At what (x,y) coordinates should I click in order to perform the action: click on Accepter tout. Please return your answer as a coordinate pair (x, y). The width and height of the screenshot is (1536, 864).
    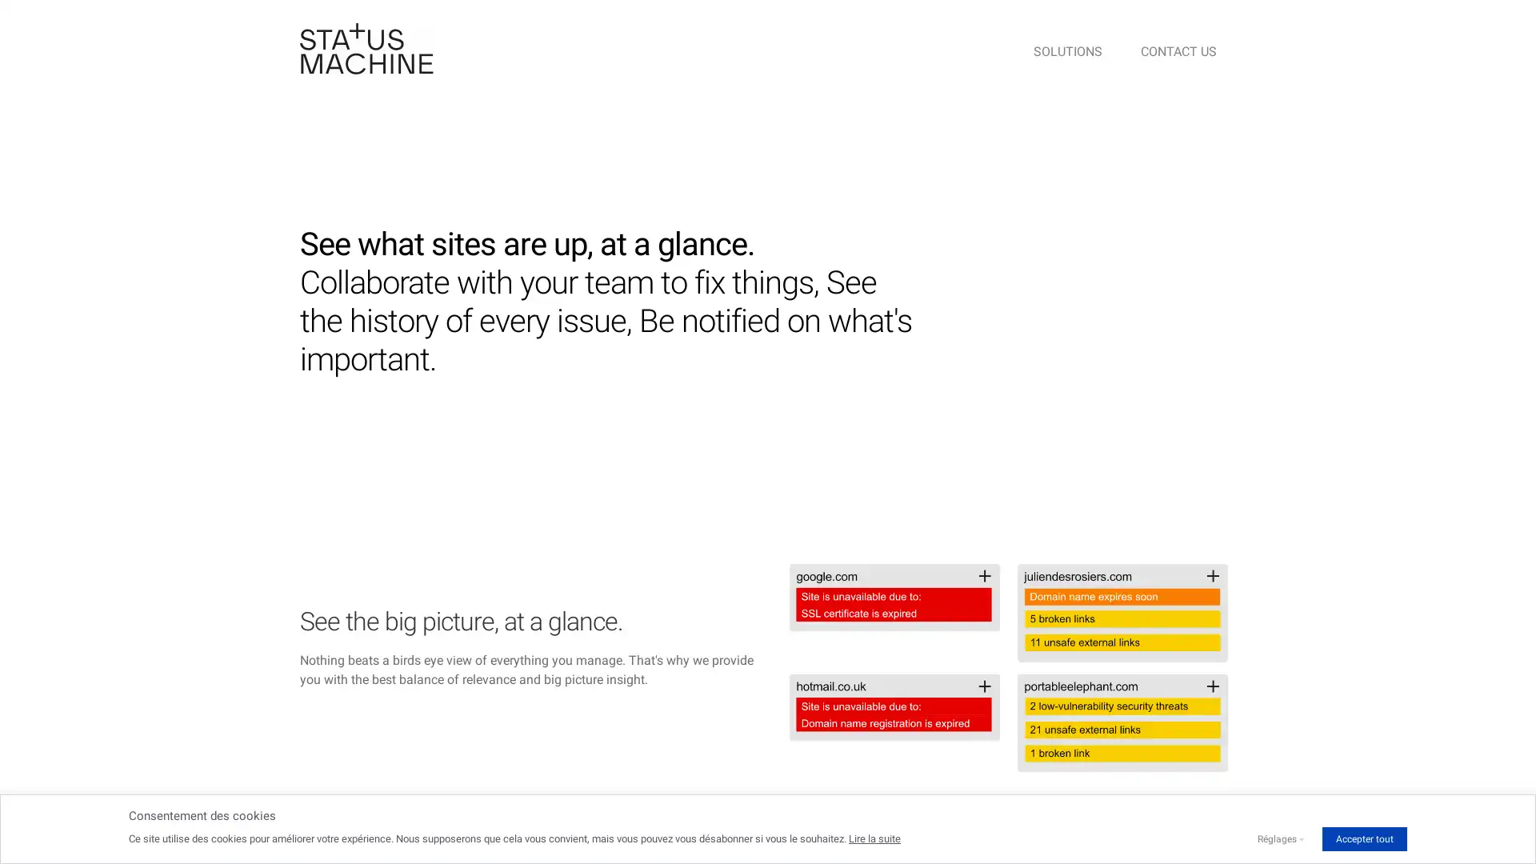
    Looking at the image, I should click on (1363, 838).